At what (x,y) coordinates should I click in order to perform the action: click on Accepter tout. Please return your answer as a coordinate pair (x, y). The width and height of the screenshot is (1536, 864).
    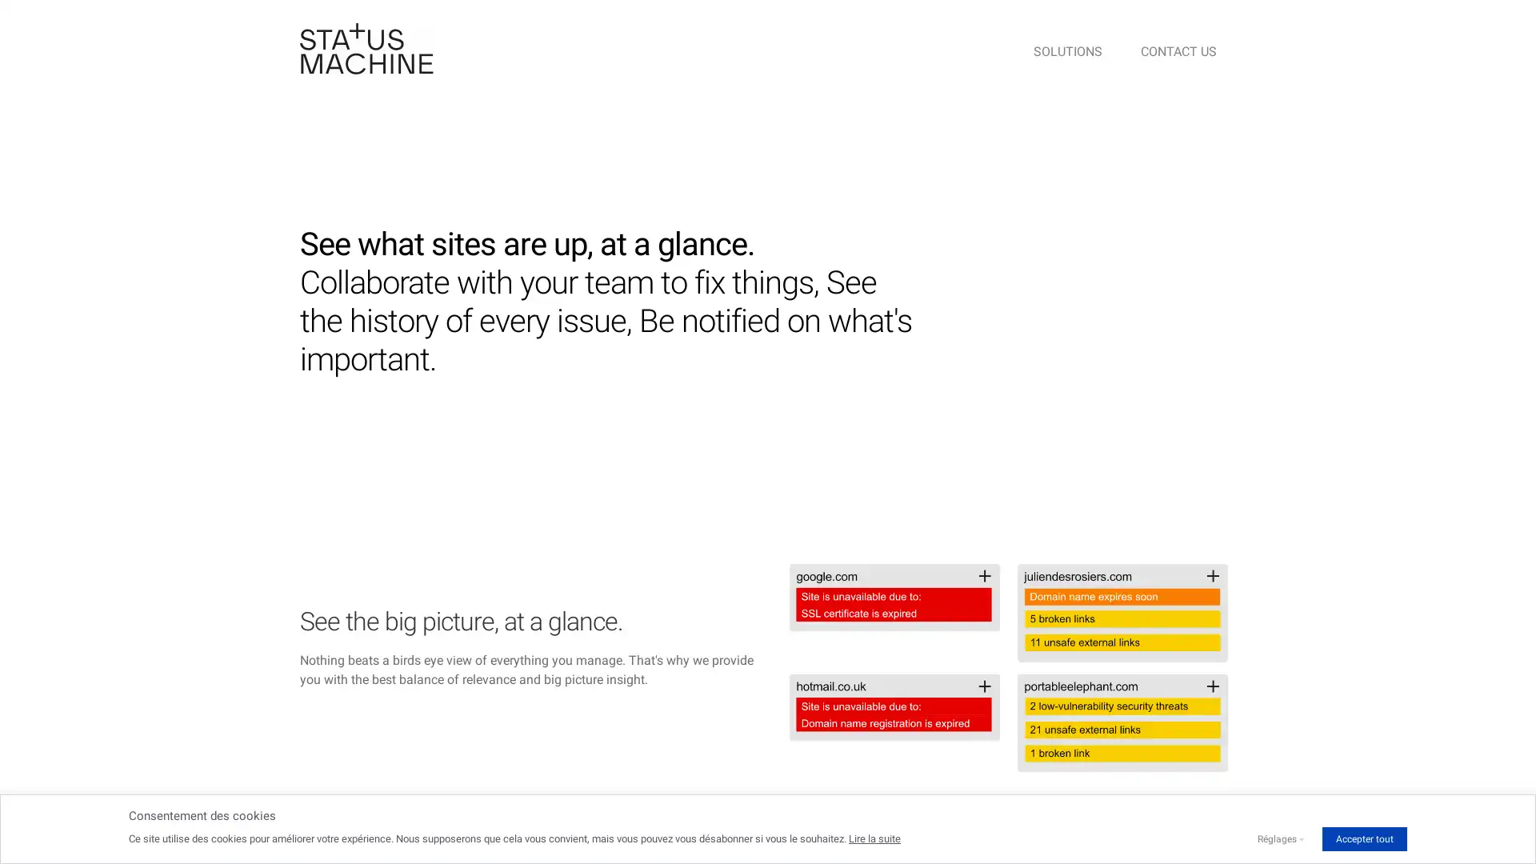
    Looking at the image, I should click on (1363, 838).